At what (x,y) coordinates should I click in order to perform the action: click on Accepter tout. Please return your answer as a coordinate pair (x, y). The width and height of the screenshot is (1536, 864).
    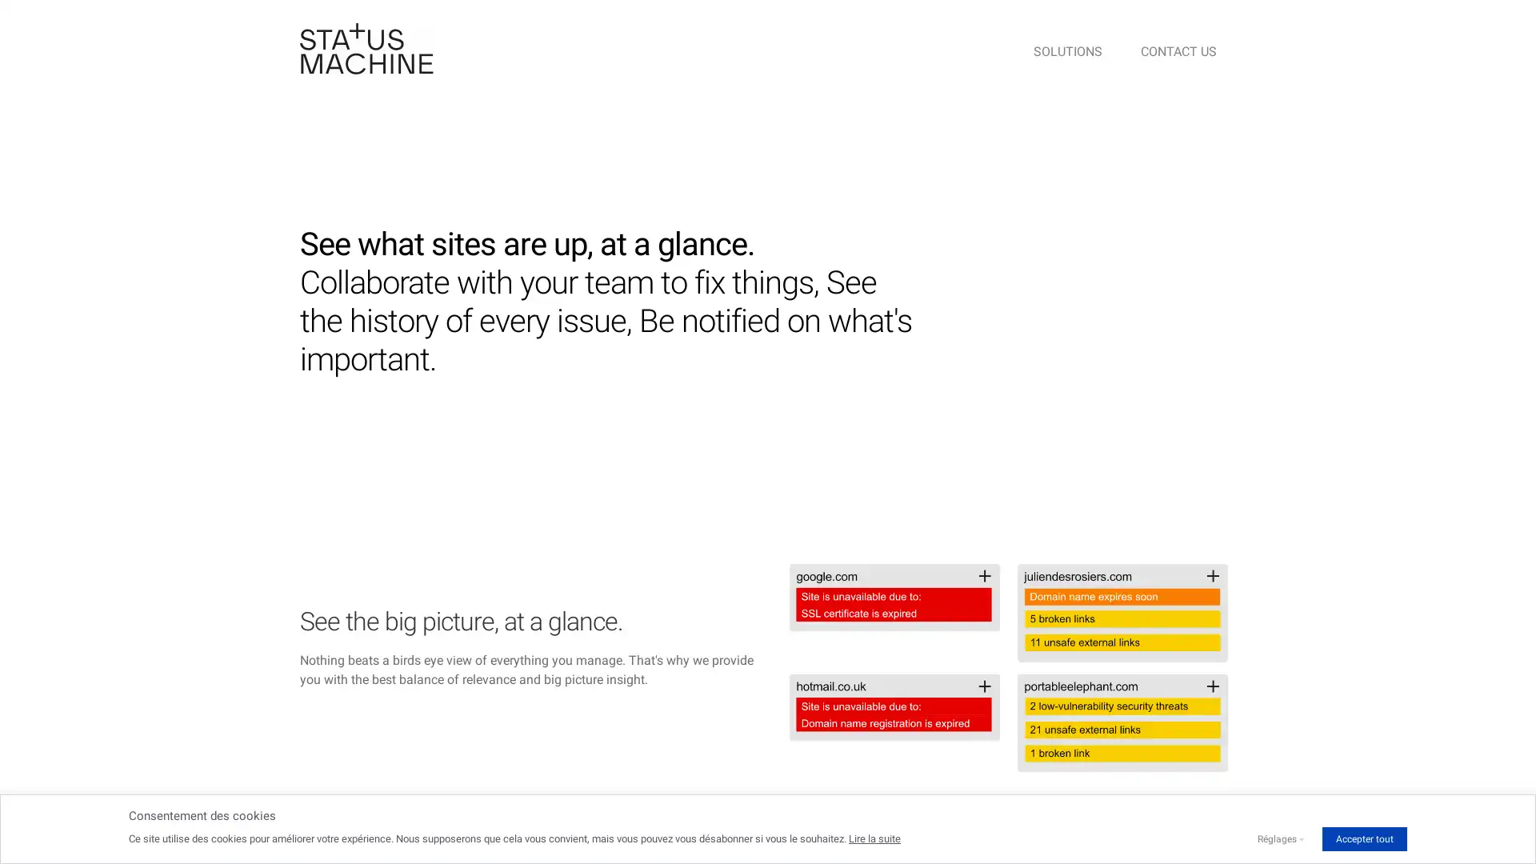
    Looking at the image, I should click on (1363, 838).